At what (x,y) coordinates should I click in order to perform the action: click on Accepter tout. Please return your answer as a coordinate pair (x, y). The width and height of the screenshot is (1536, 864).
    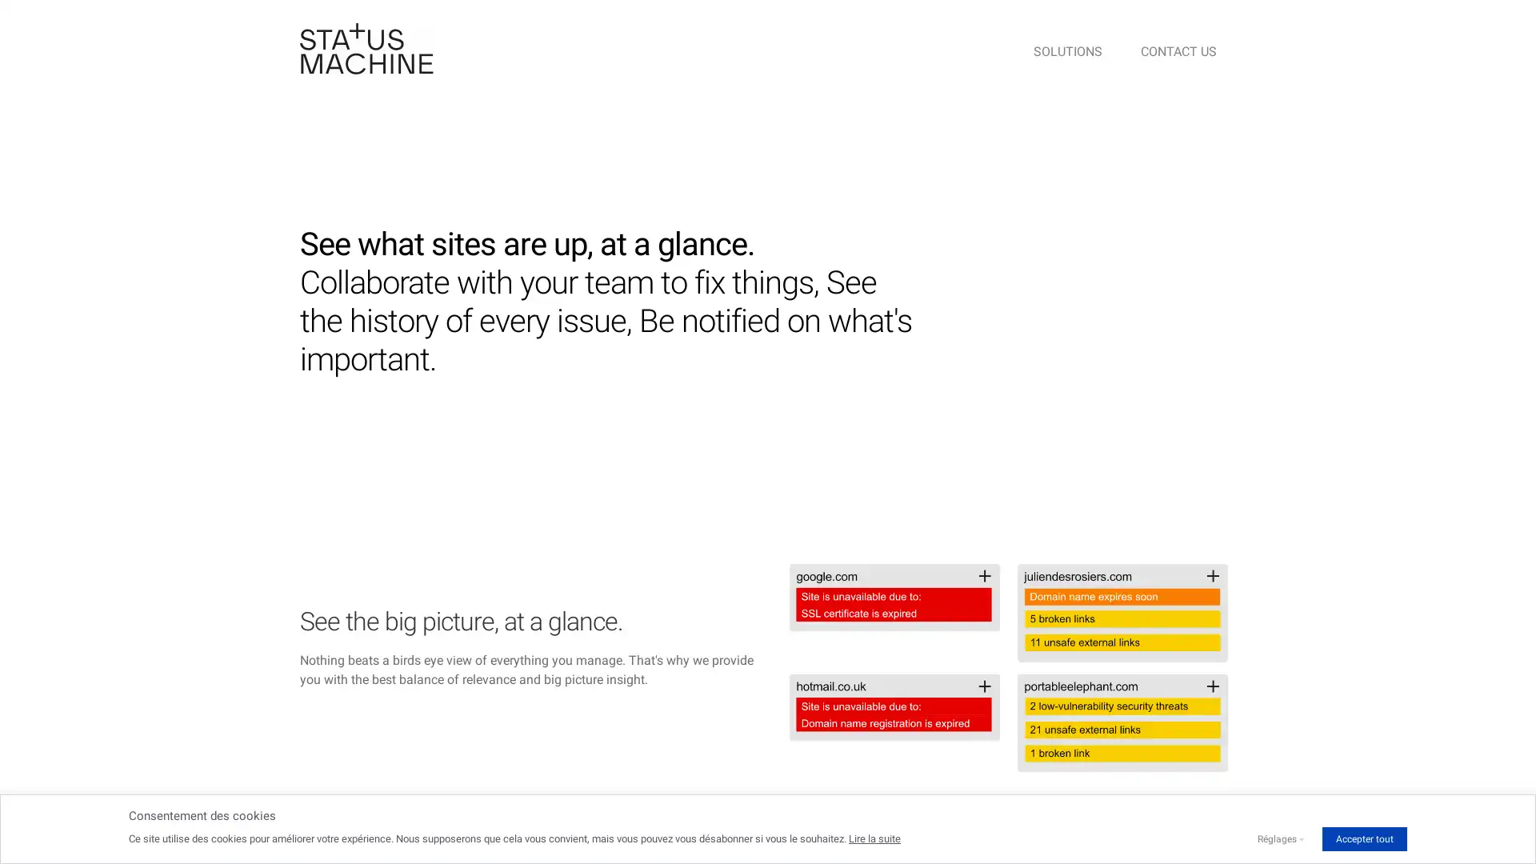
    Looking at the image, I should click on (1363, 838).